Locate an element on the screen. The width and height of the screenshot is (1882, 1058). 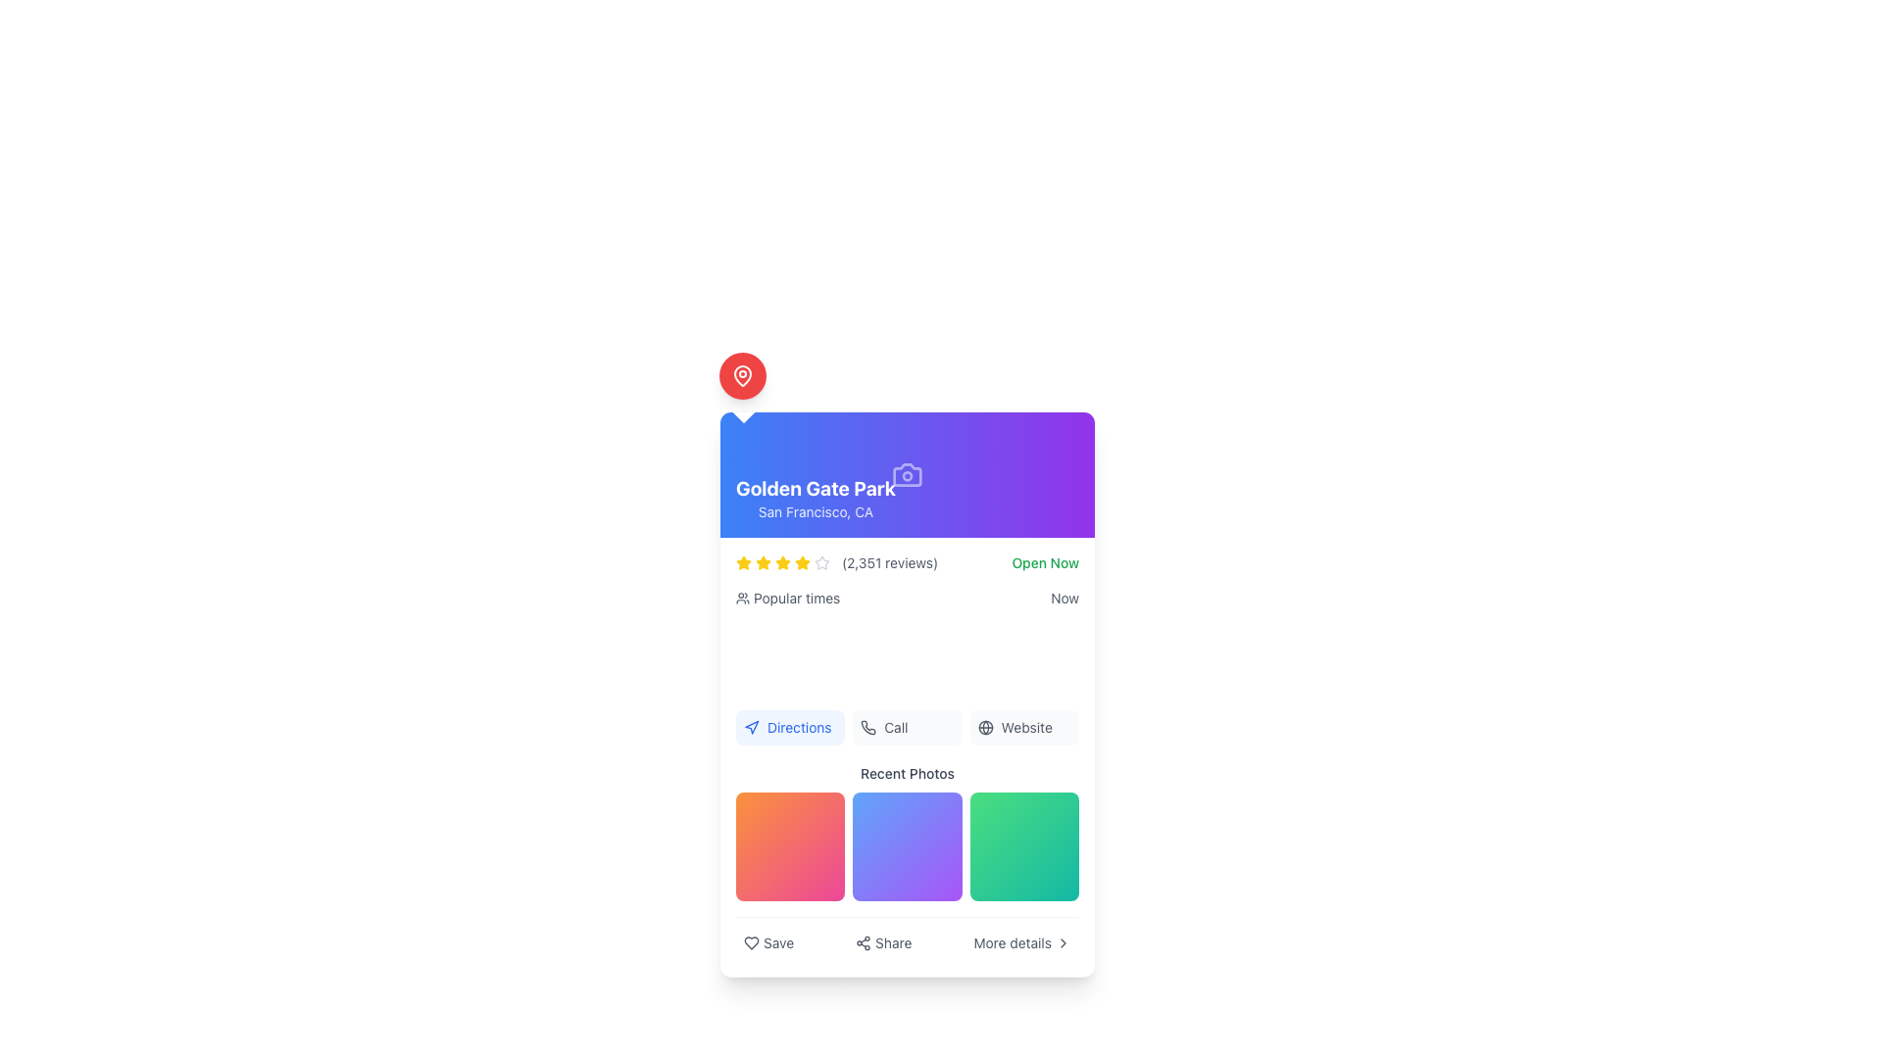
the phone call button, which is the second button in a horizontal group of three buttons located below the title and details of a card, to change its appearance is located at coordinates (907, 728).